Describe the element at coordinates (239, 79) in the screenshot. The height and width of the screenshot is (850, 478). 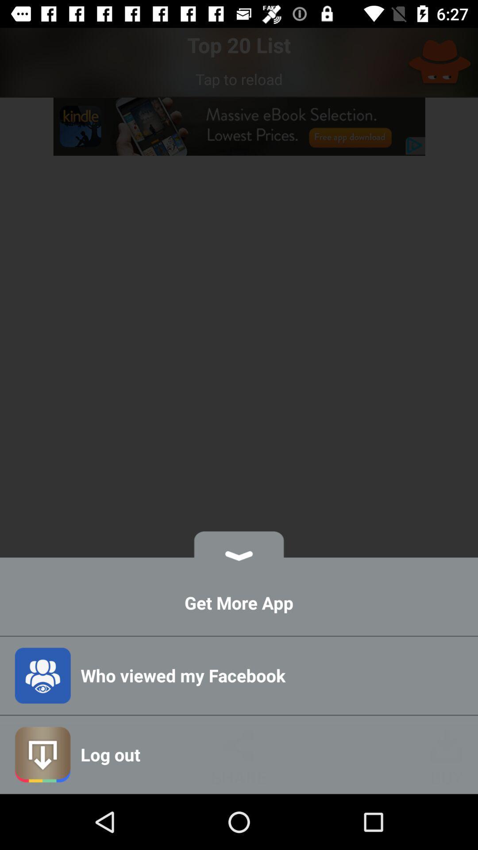
I see `the item below the top 20 list app` at that location.